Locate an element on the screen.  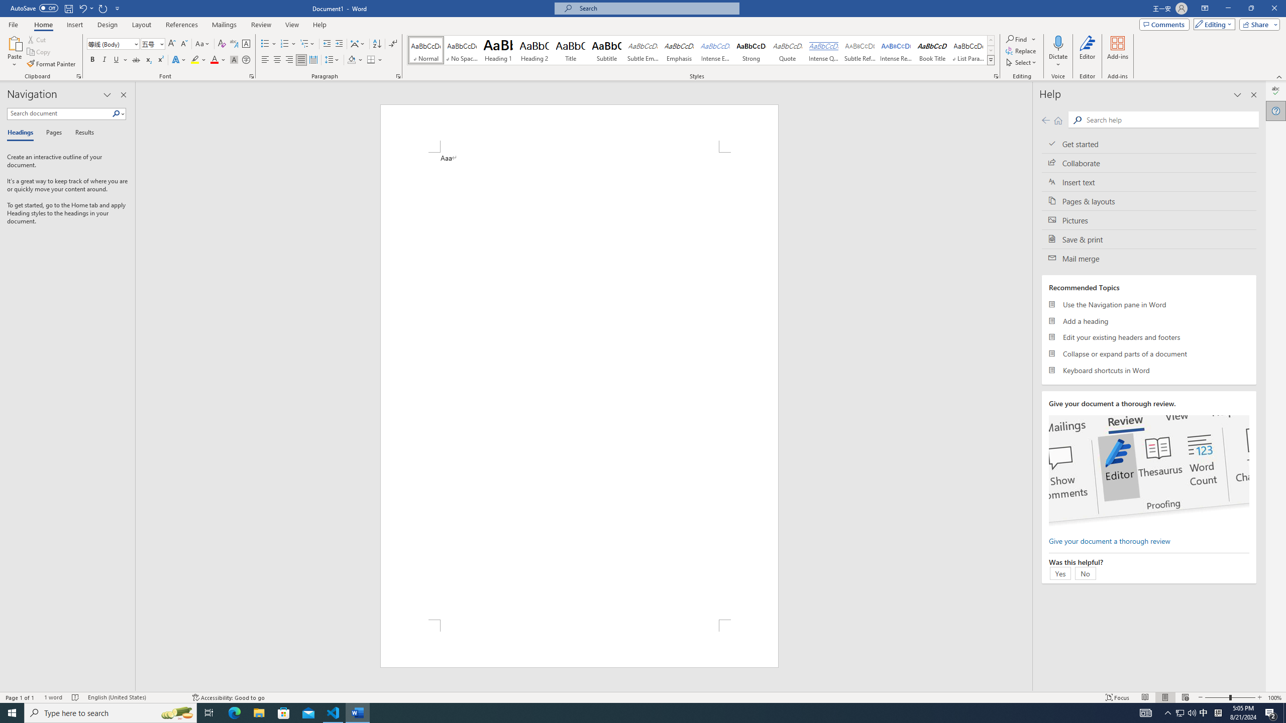
'References' is located at coordinates (182, 25).